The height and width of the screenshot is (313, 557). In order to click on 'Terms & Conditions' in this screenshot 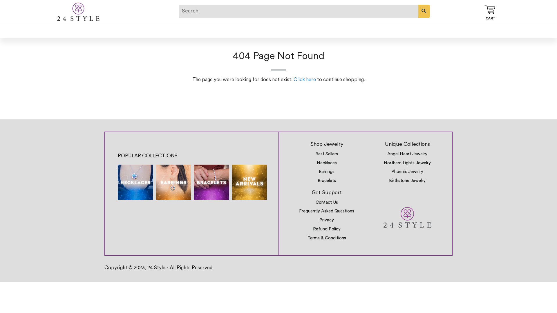, I will do `click(327, 238)`.